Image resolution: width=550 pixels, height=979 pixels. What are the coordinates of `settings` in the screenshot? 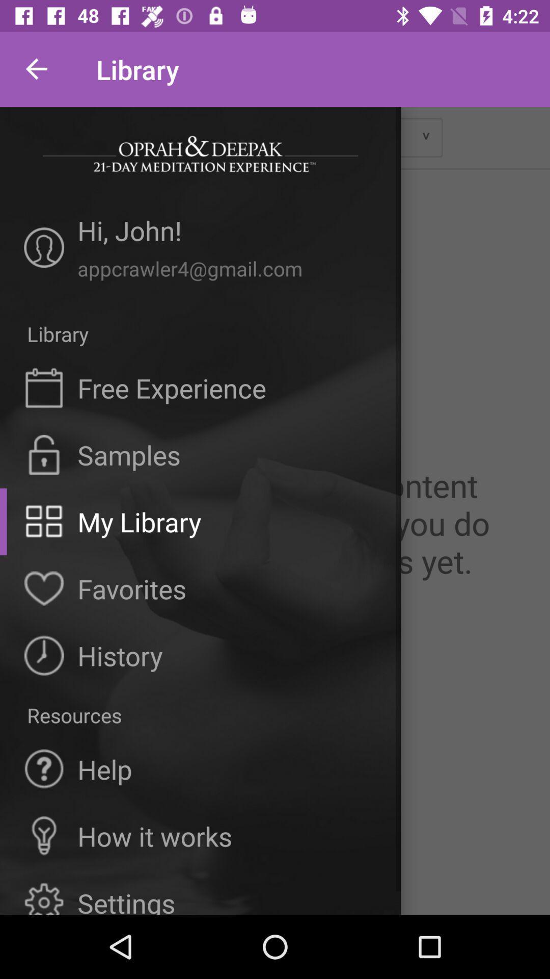 It's located at (126, 900).